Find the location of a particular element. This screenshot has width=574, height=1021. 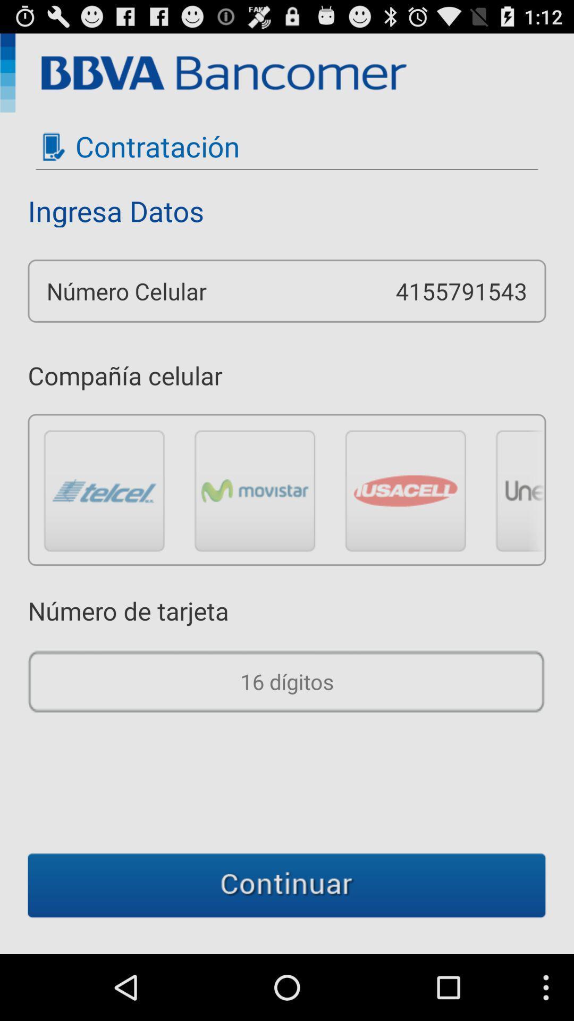

choose cellular provider is located at coordinates (255, 490).